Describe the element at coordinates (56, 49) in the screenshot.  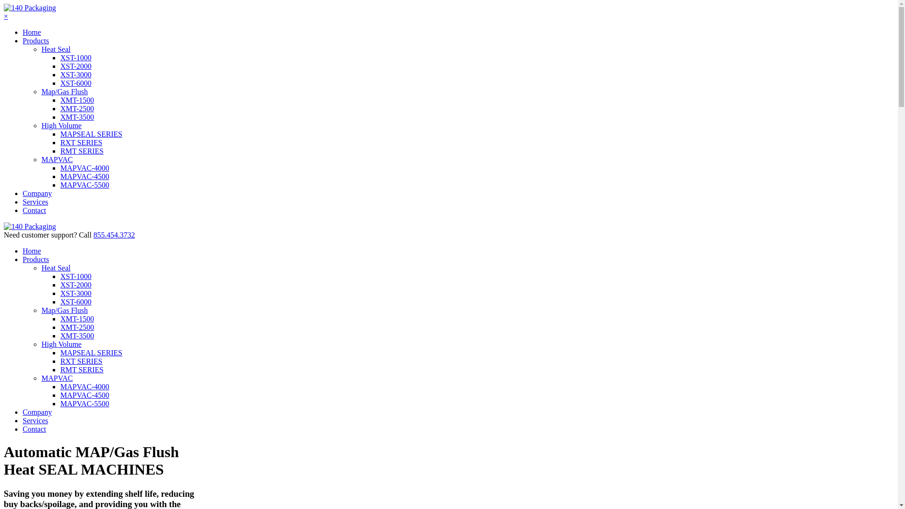
I see `'Heat Seal'` at that location.